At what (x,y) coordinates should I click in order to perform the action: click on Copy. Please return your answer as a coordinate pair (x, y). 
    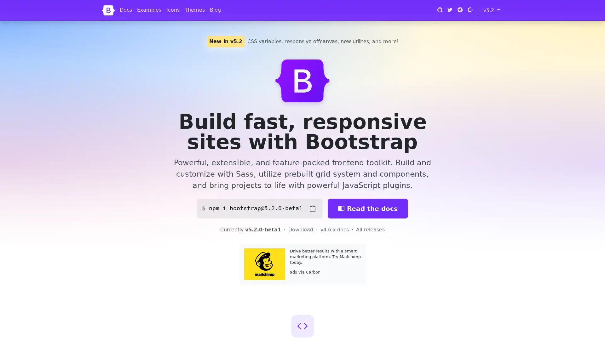
    Looking at the image, I should click on (313, 208).